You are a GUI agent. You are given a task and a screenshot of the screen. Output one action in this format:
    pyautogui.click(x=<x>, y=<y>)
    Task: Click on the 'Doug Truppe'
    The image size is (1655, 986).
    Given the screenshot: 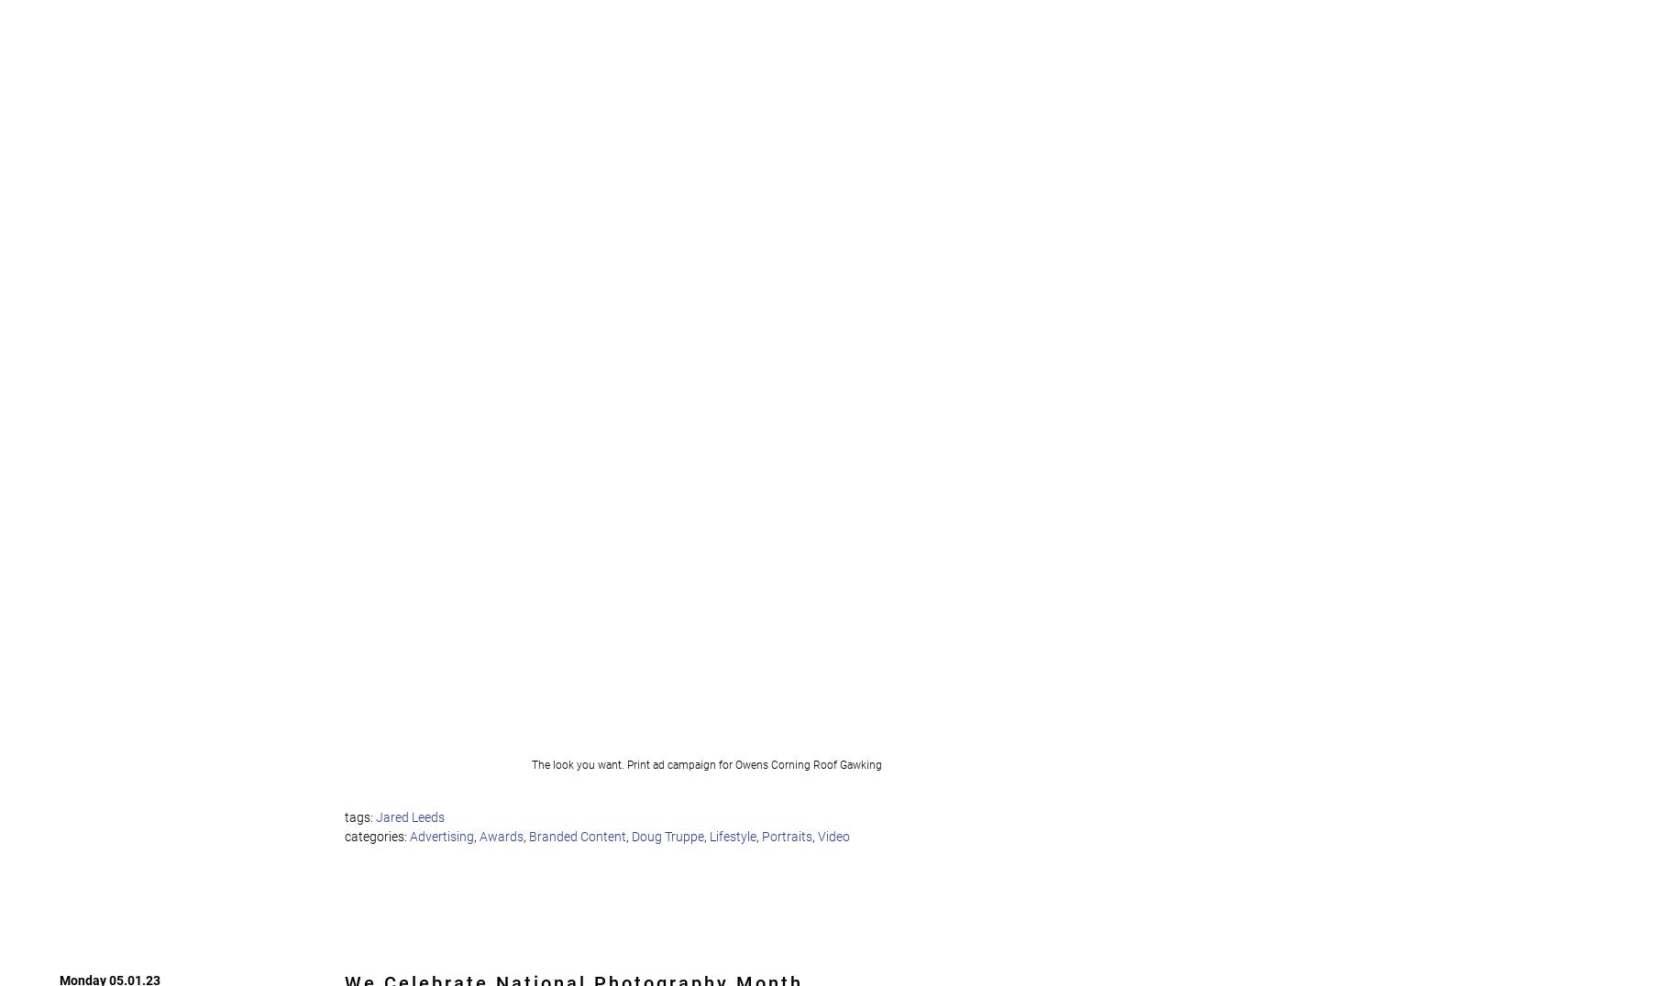 What is the action you would take?
    pyautogui.click(x=631, y=835)
    